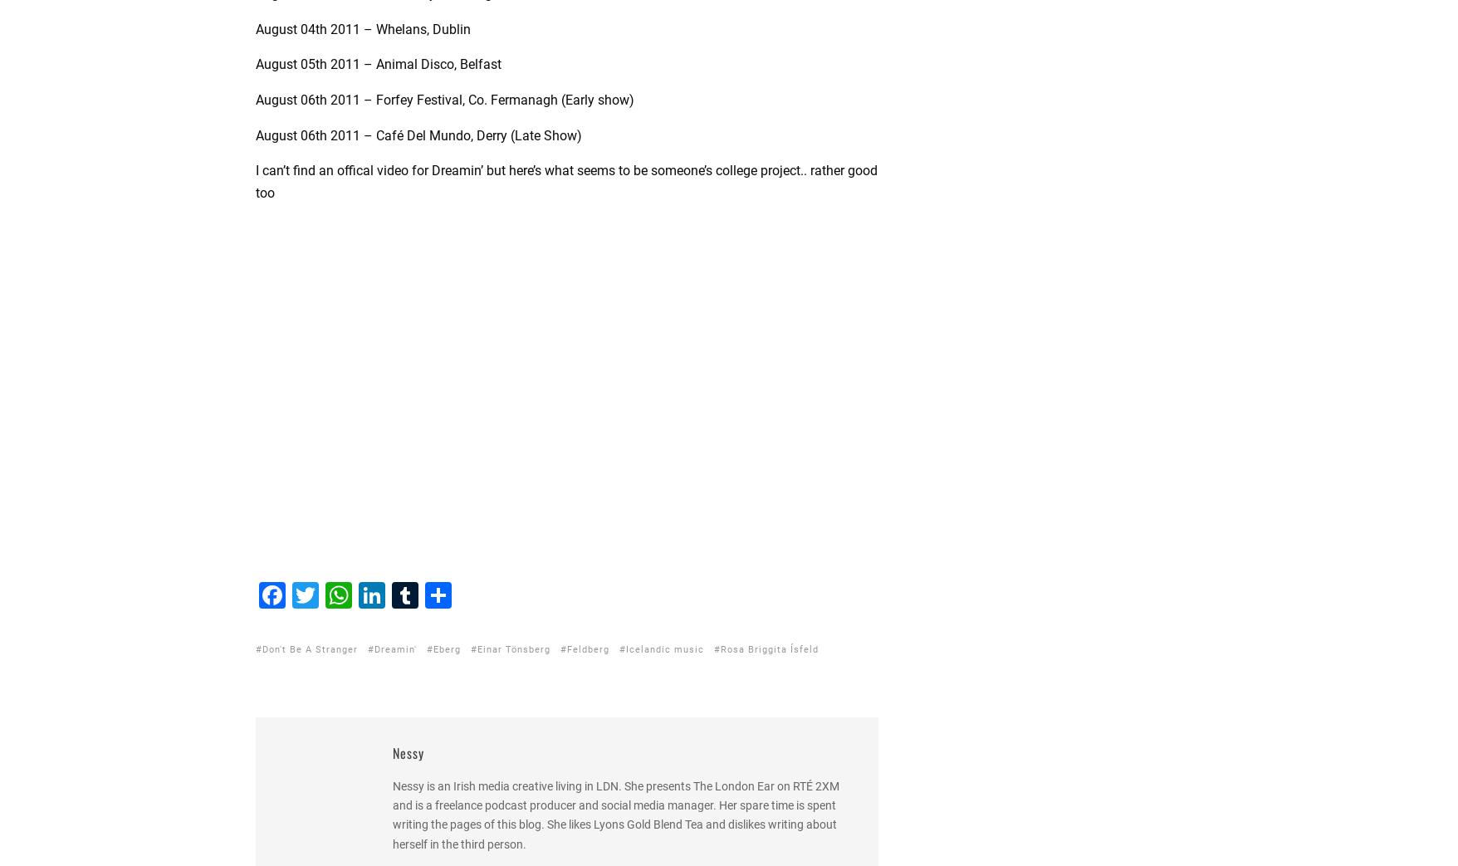 The image size is (1458, 866). What do you see at coordinates (285, 687) in the screenshot?
I see `'Facebook'` at bounding box center [285, 687].